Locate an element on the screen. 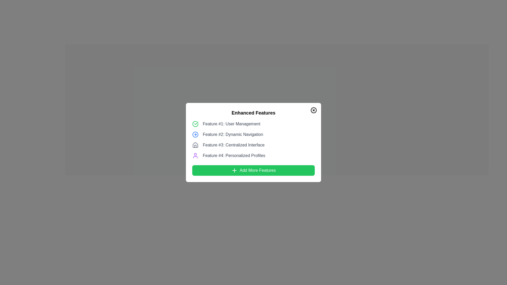 Image resolution: width=507 pixels, height=285 pixels. the close button located in the top-right corner of the 'Enhanced Features' modal interface is located at coordinates (314, 110).